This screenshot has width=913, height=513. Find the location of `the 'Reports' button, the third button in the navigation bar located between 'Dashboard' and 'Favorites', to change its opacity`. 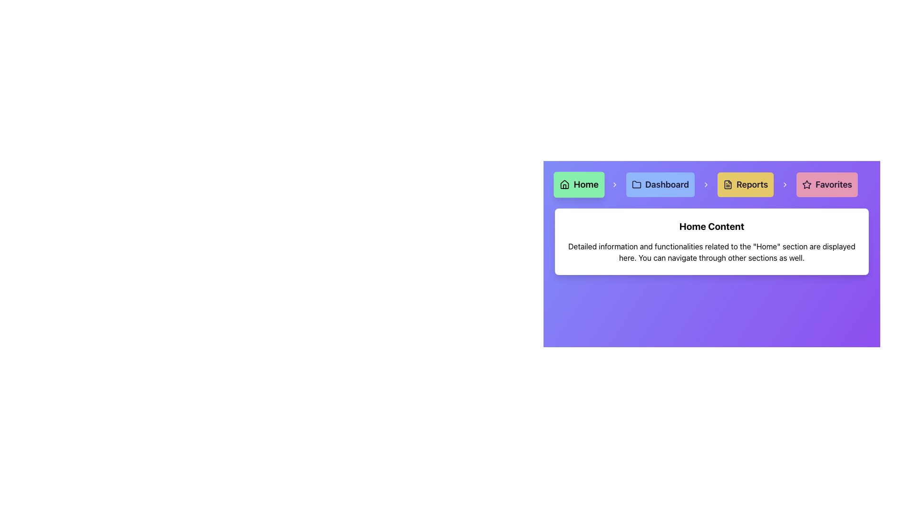

the 'Reports' button, the third button in the navigation bar located between 'Dashboard' and 'Favorites', to change its opacity is located at coordinates (745, 185).